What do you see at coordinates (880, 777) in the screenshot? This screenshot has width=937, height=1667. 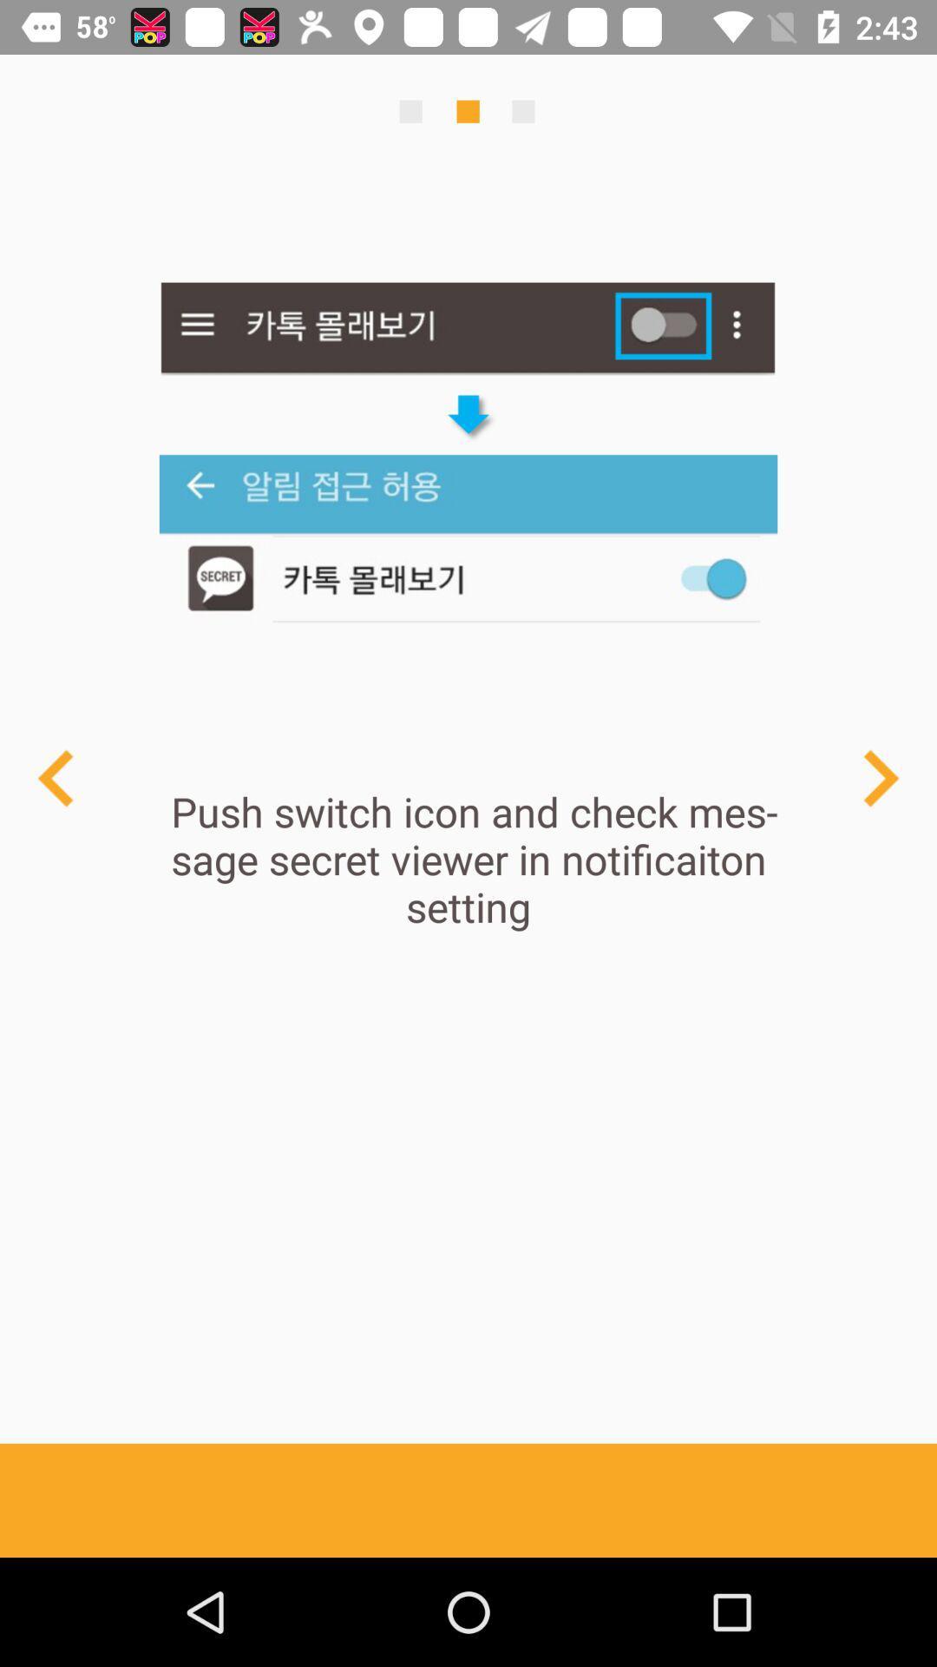 I see `previous` at bounding box center [880, 777].